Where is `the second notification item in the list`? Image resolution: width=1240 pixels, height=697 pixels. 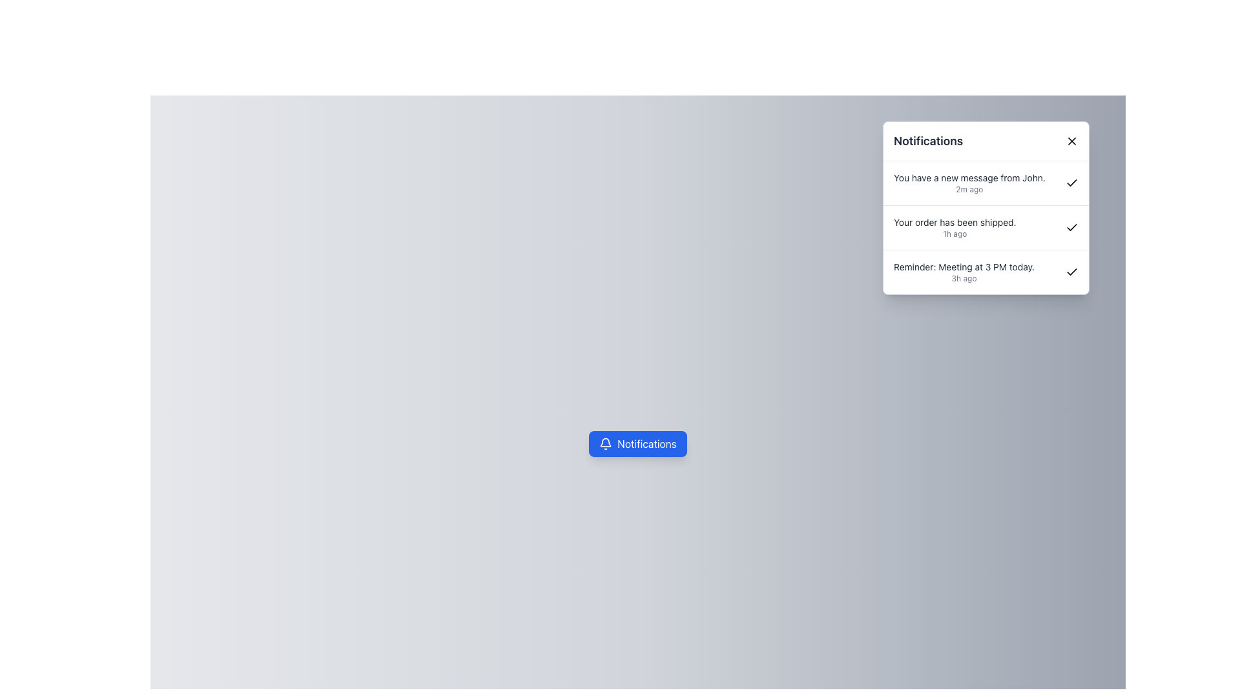
the second notification item in the list is located at coordinates (985, 226).